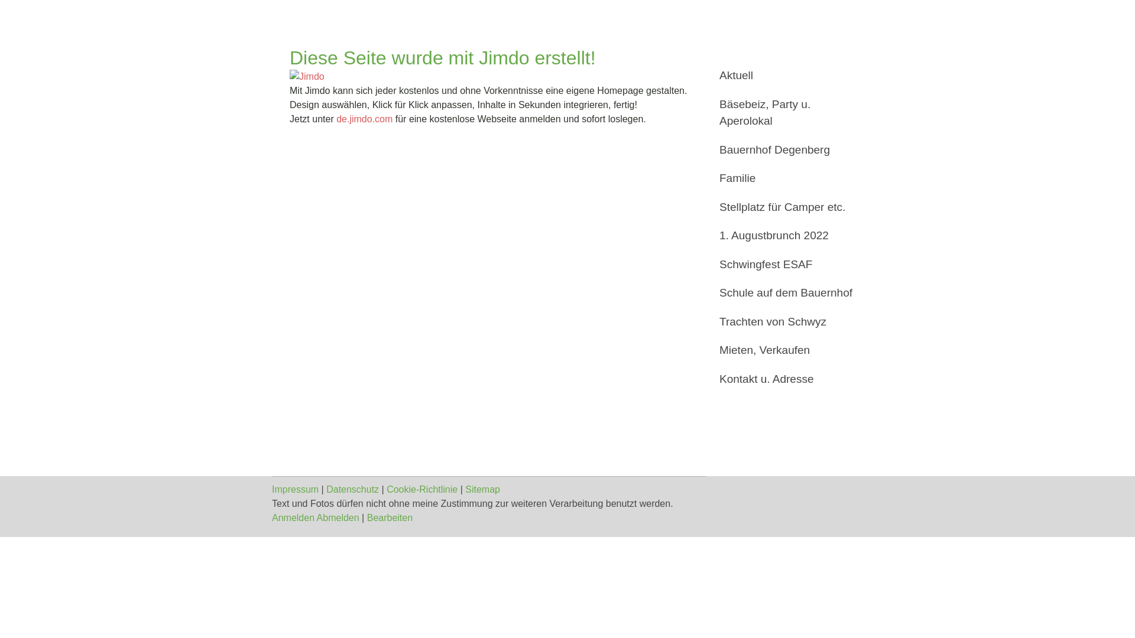 The width and height of the screenshot is (1135, 638). Describe the element at coordinates (786, 149) in the screenshot. I see `'Bauernhof Degenberg'` at that location.